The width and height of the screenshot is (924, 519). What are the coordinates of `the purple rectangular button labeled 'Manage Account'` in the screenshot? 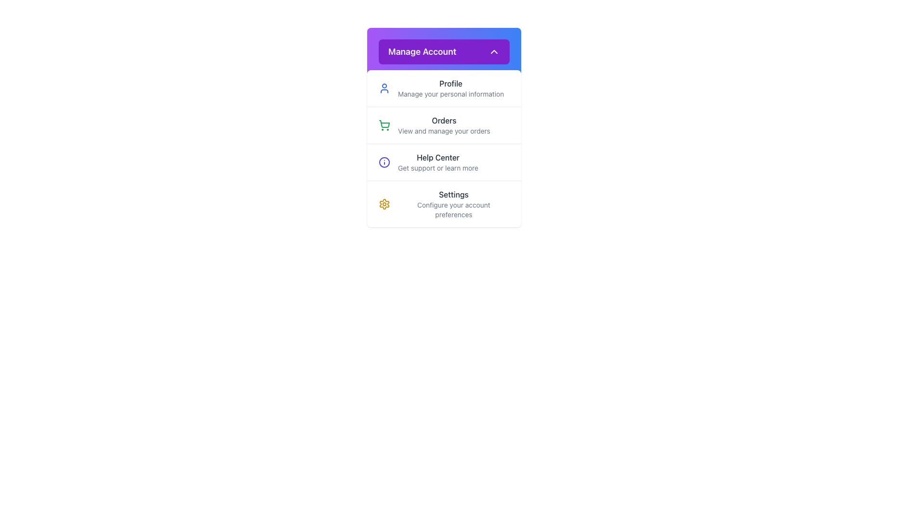 It's located at (443, 52).